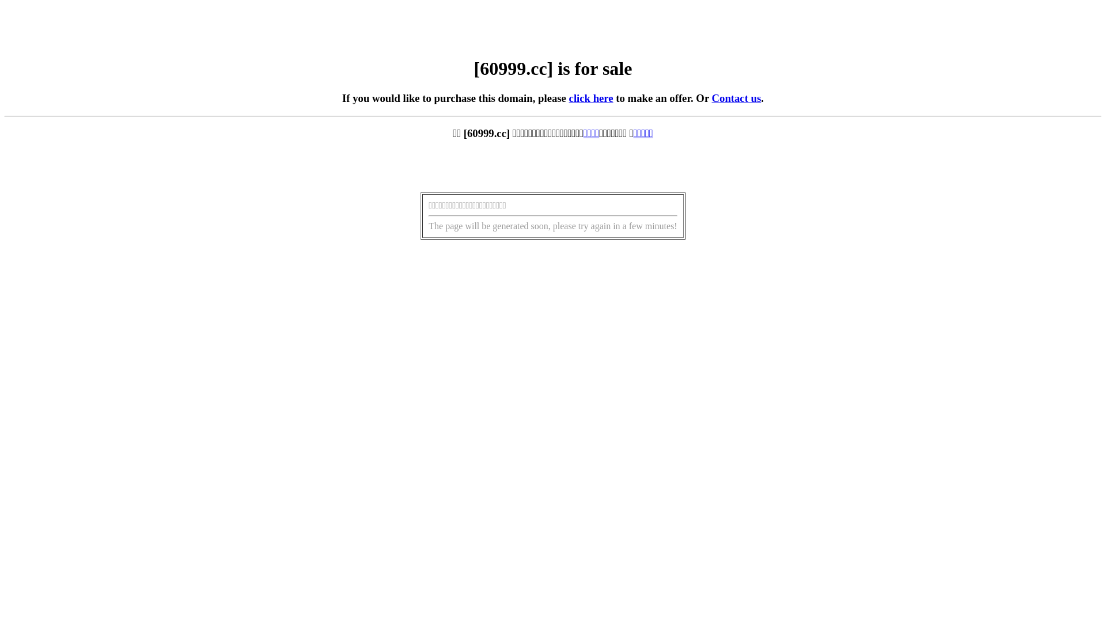 The width and height of the screenshot is (1106, 622). What do you see at coordinates (736, 97) in the screenshot?
I see `'Contact us'` at bounding box center [736, 97].